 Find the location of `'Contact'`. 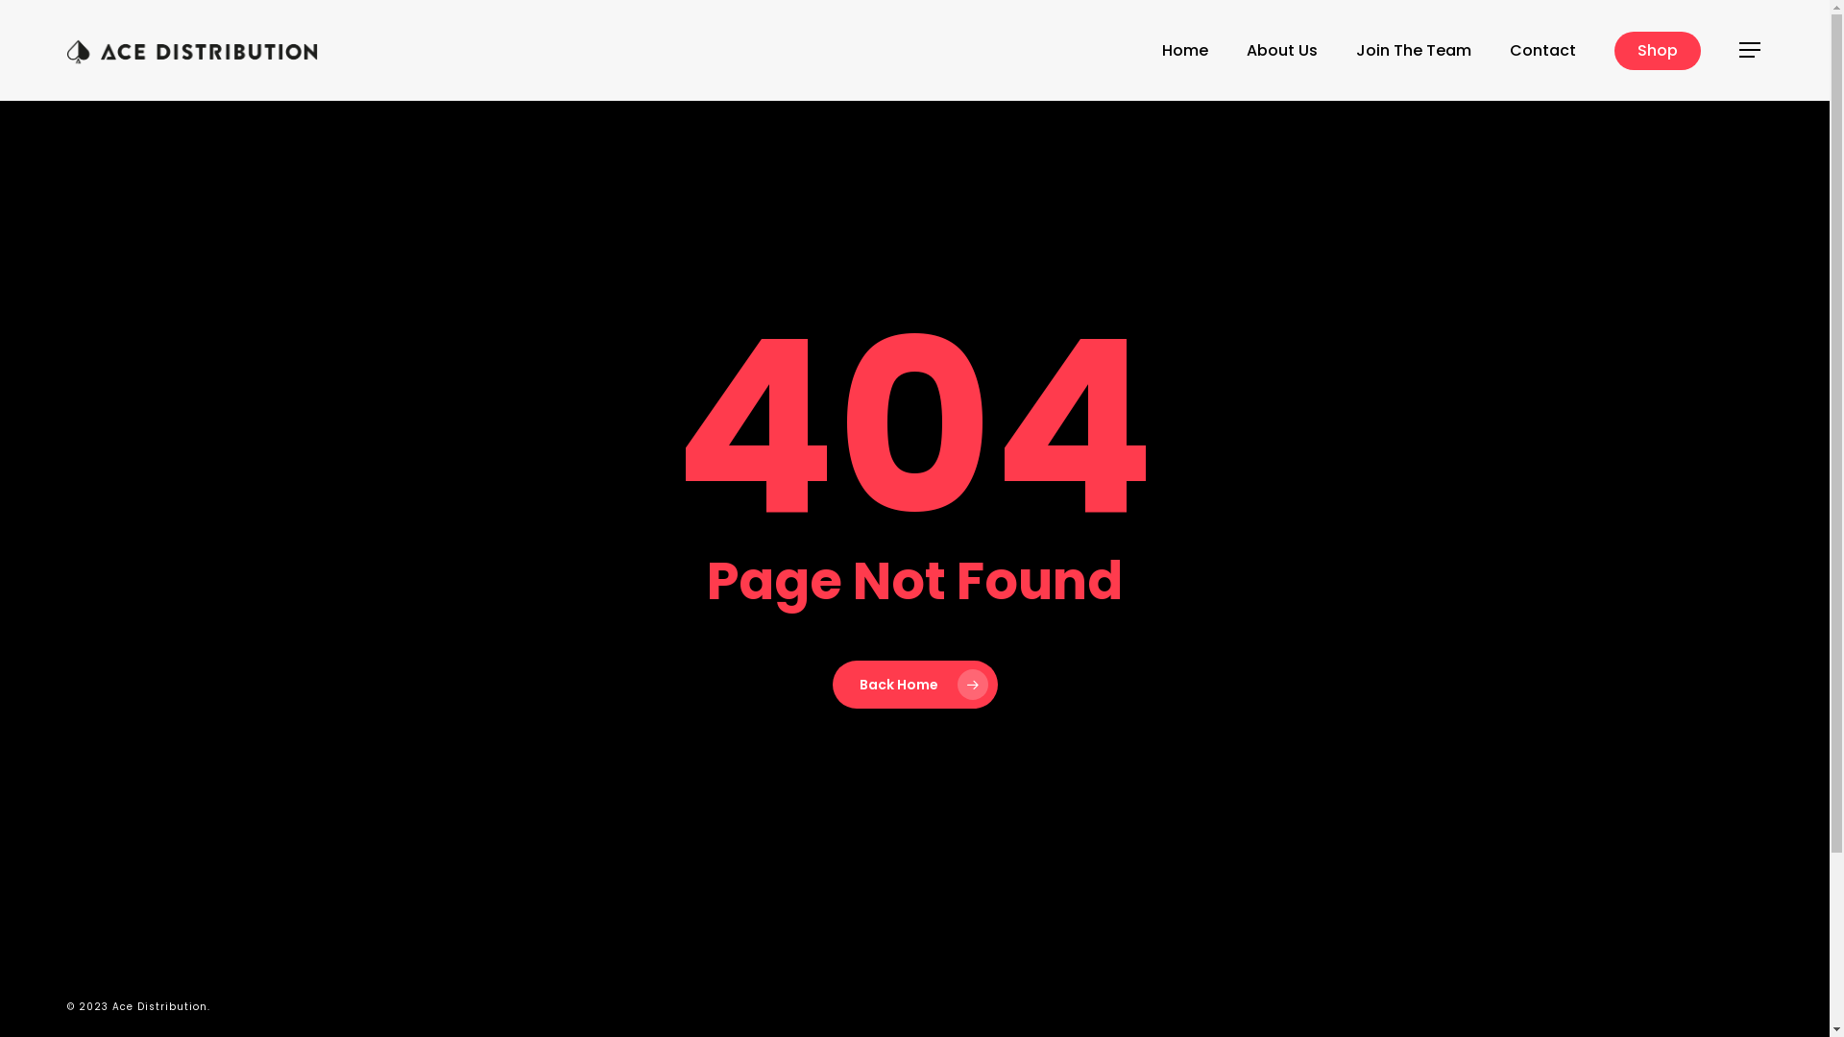

'Contact' is located at coordinates (1542, 48).